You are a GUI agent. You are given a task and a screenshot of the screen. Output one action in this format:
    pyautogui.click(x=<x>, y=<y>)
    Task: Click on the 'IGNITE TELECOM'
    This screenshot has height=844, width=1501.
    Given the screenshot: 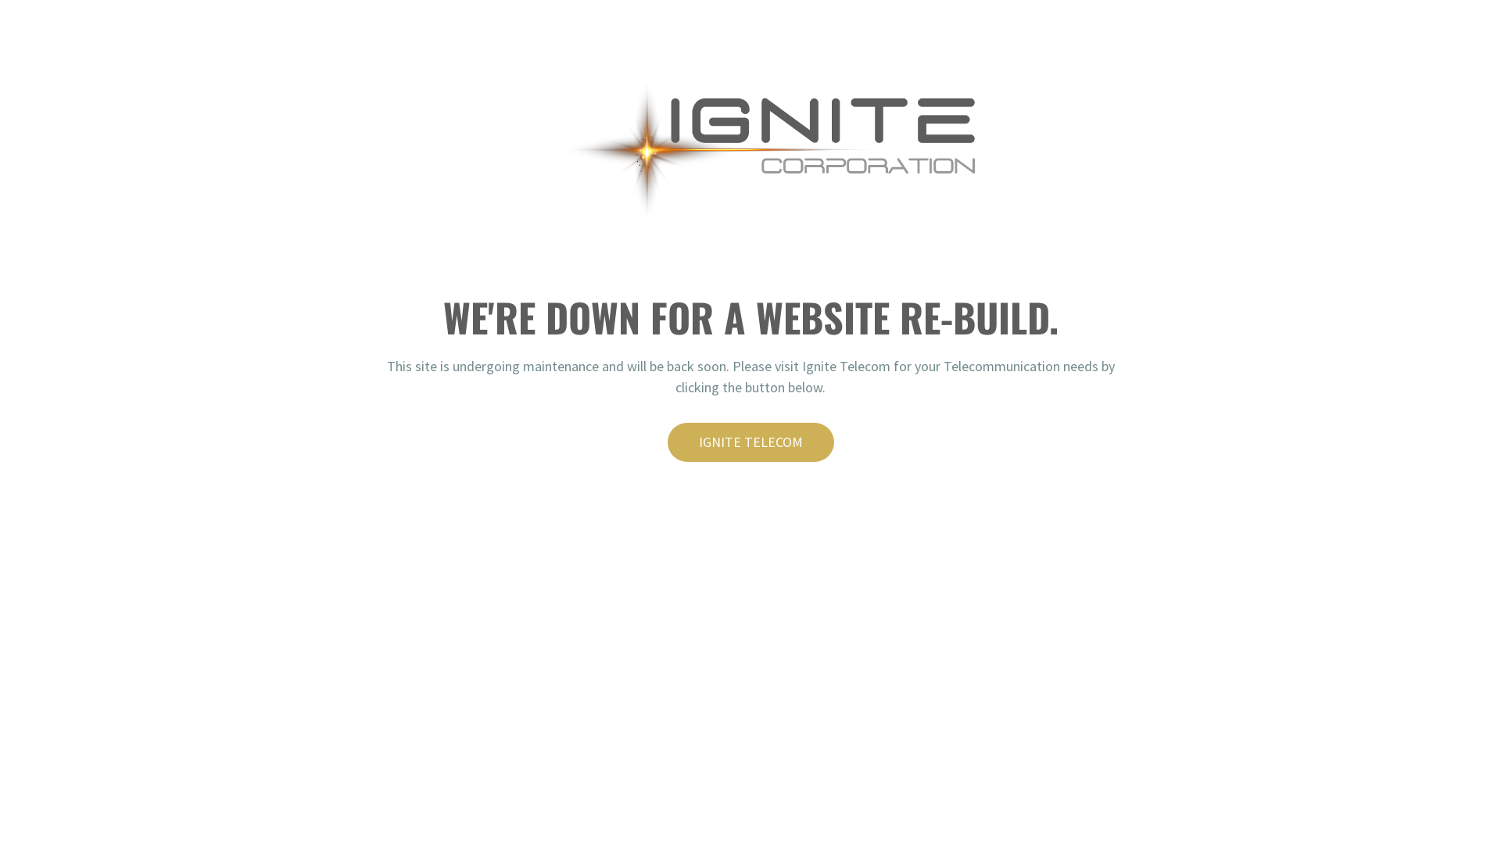 What is the action you would take?
    pyautogui.click(x=750, y=442)
    